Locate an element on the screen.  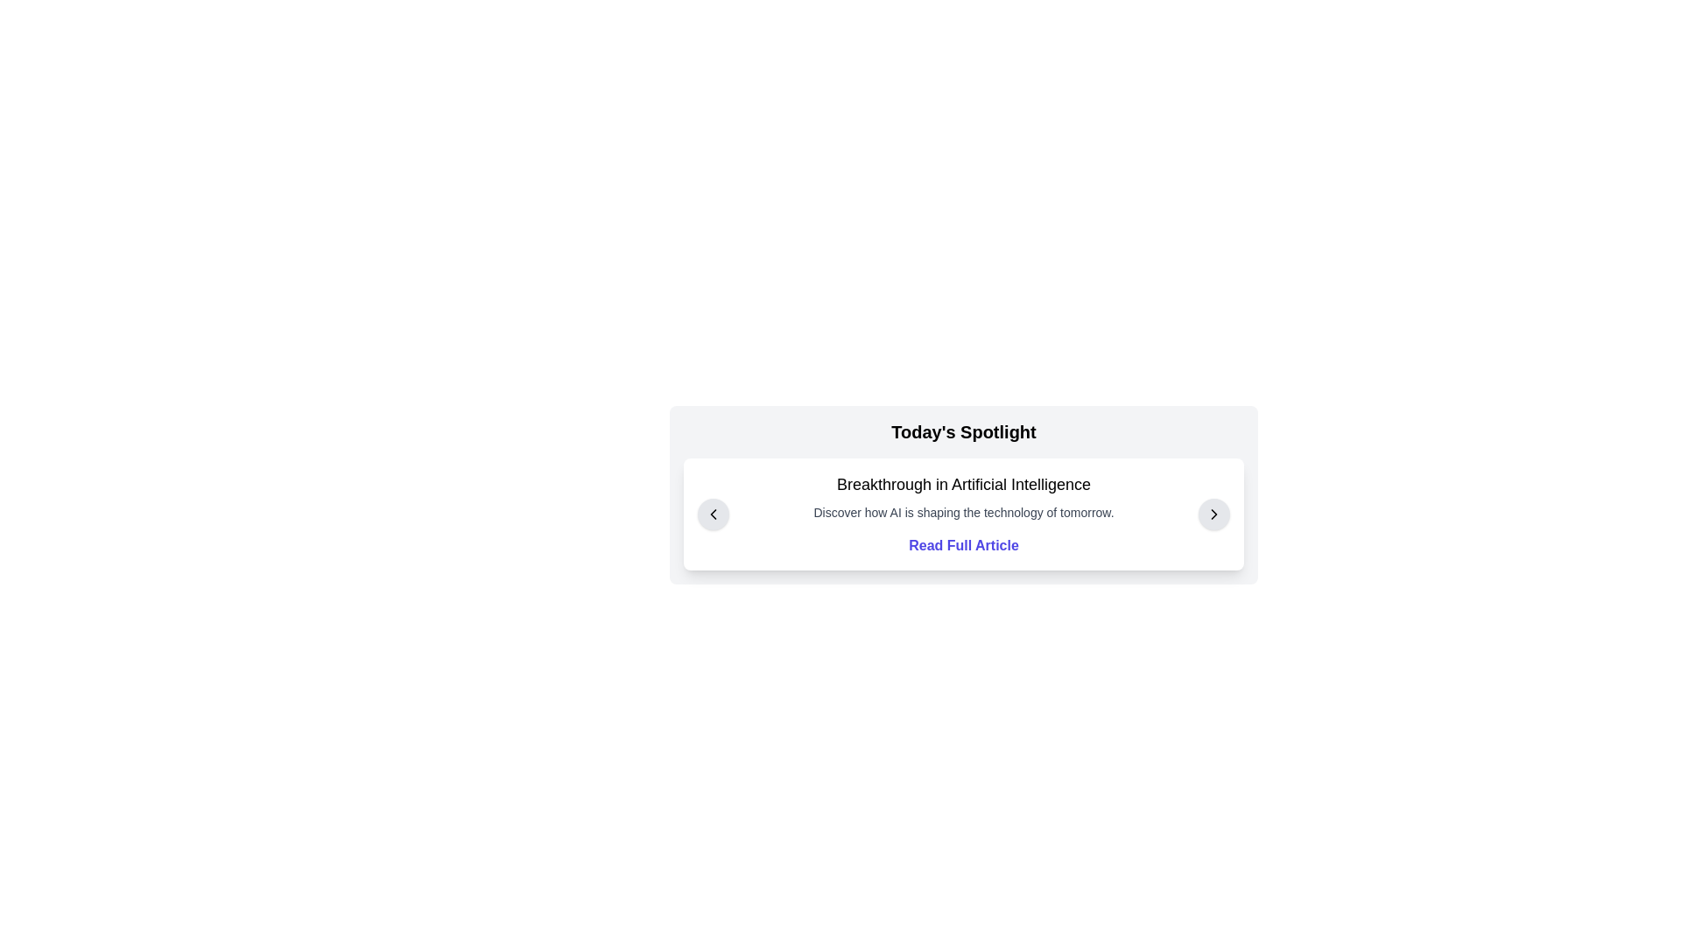
the circular button with a gray background and a left-pointing chevron icon is located at coordinates (714, 513).